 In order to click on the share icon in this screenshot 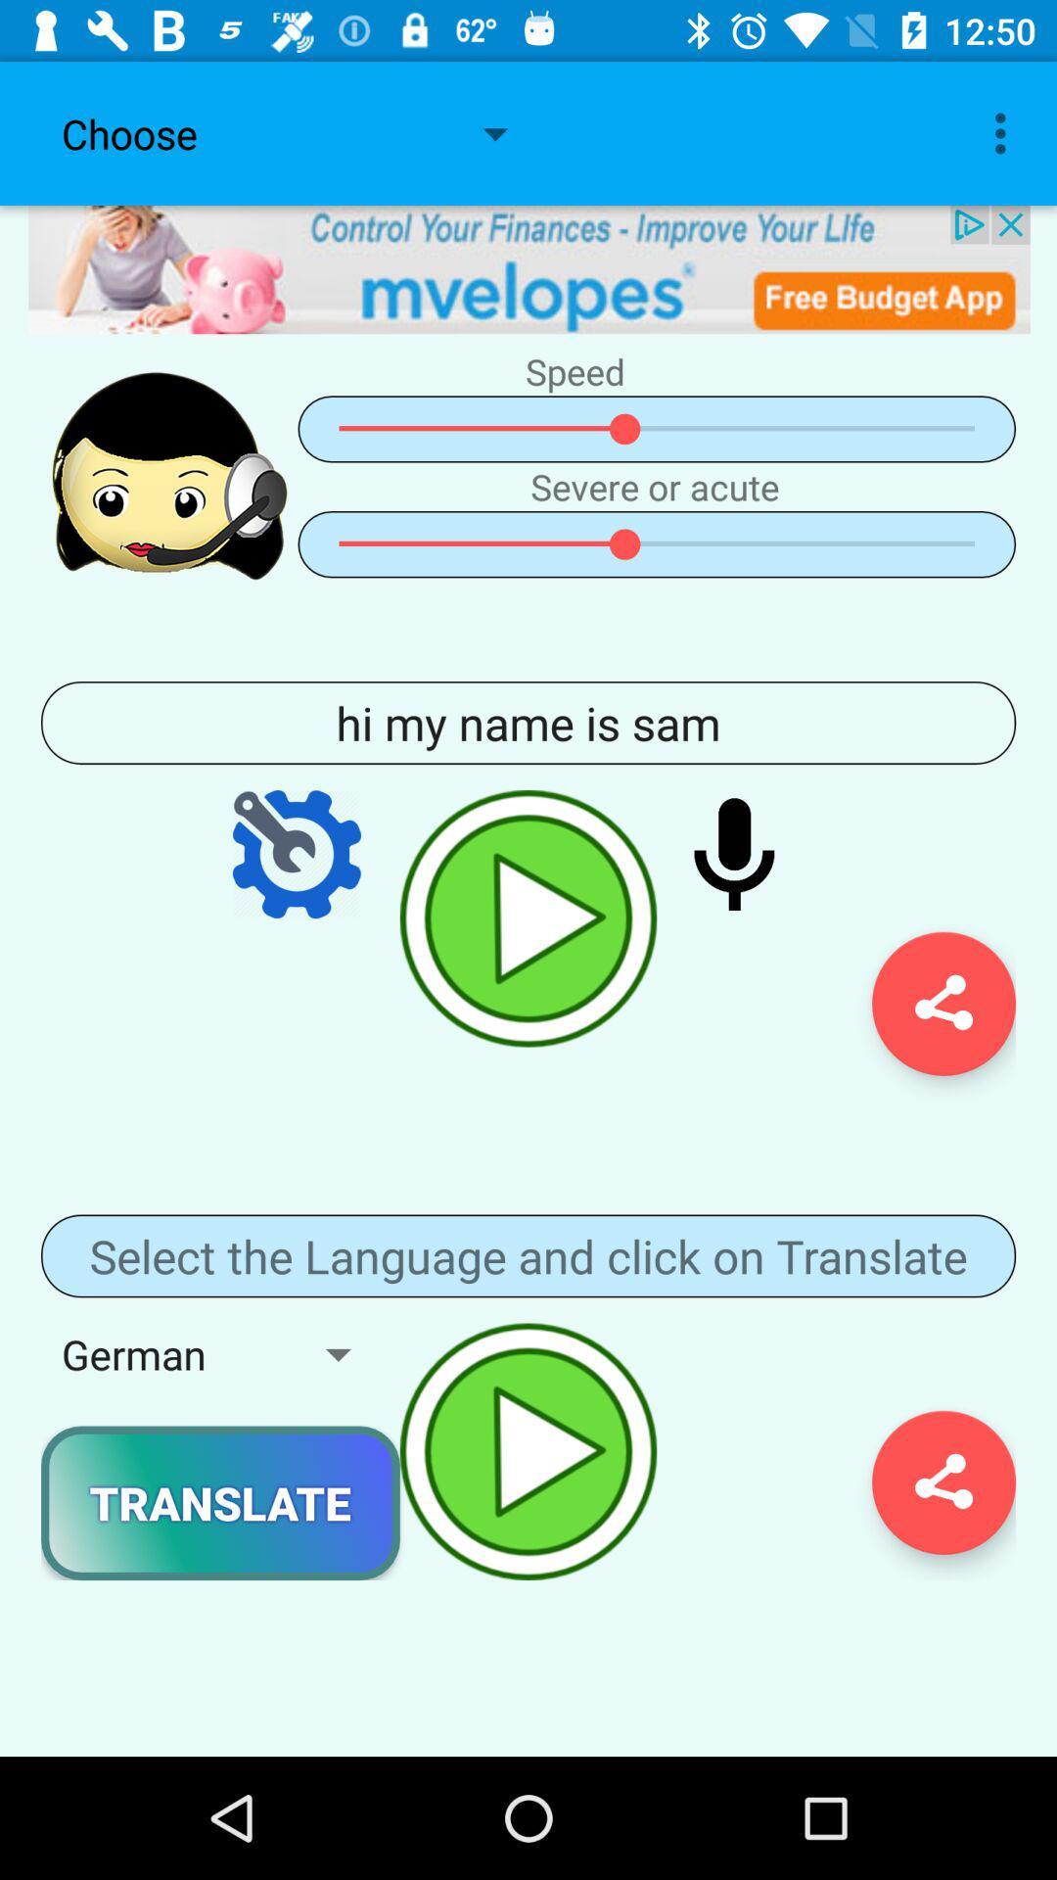, I will do `click(942, 1482)`.